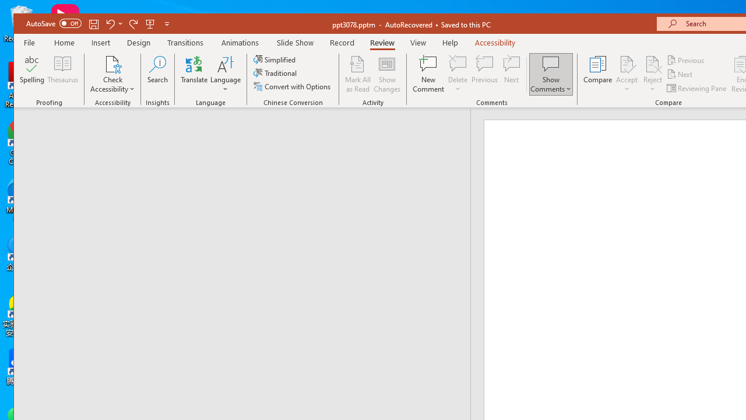  Describe the element at coordinates (139, 42) in the screenshot. I see `'Design'` at that location.